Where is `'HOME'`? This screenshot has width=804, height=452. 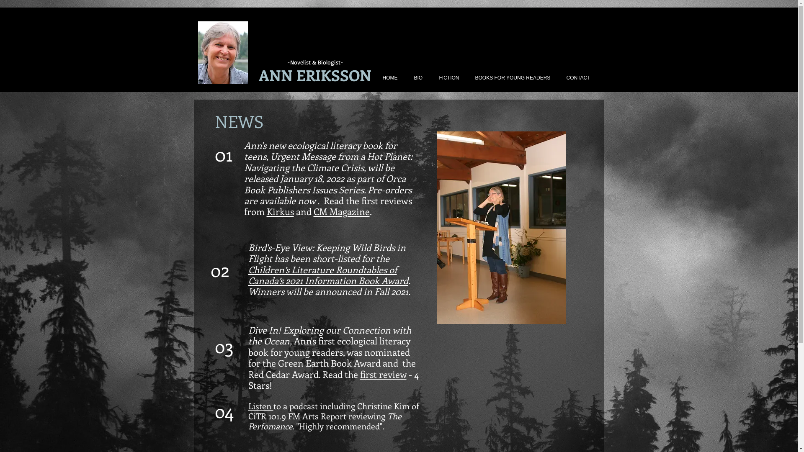
'HOME' is located at coordinates (393, 78).